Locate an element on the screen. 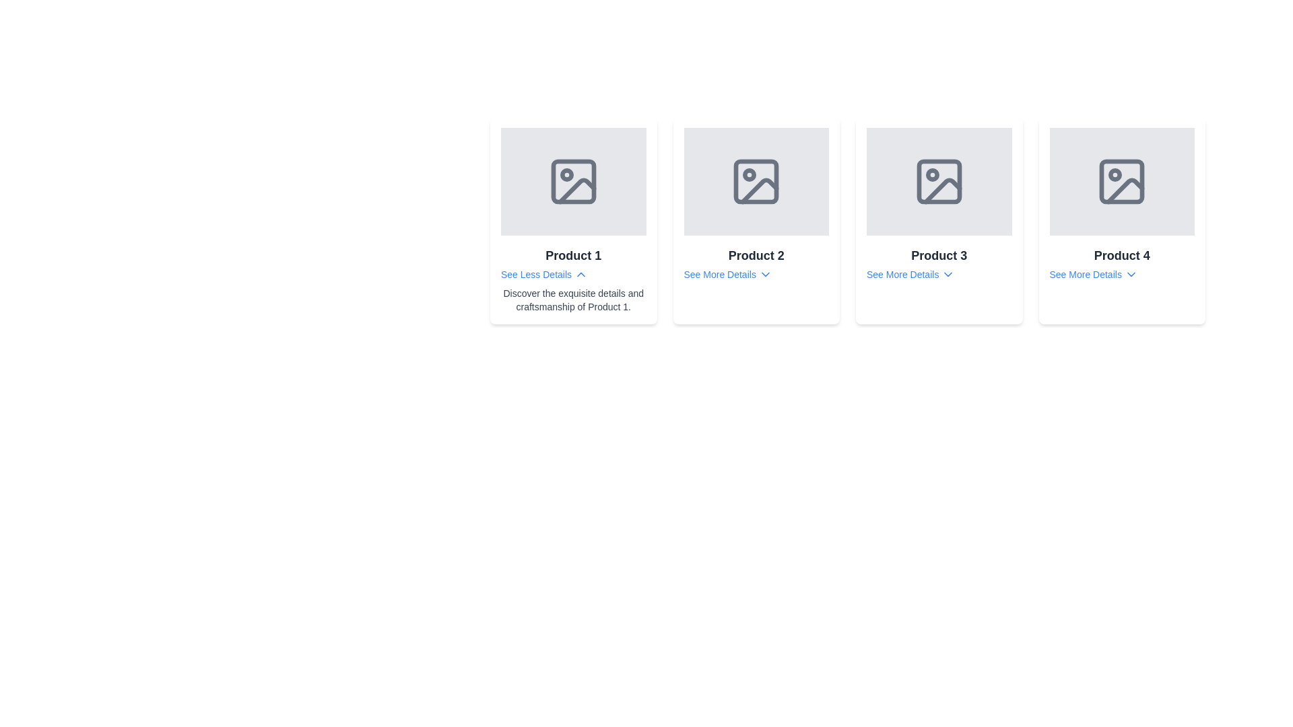 The width and height of the screenshot is (1293, 727). the 'See Less Details' button styled as a link with an upward-pointing chevron icon is located at coordinates (544, 274).